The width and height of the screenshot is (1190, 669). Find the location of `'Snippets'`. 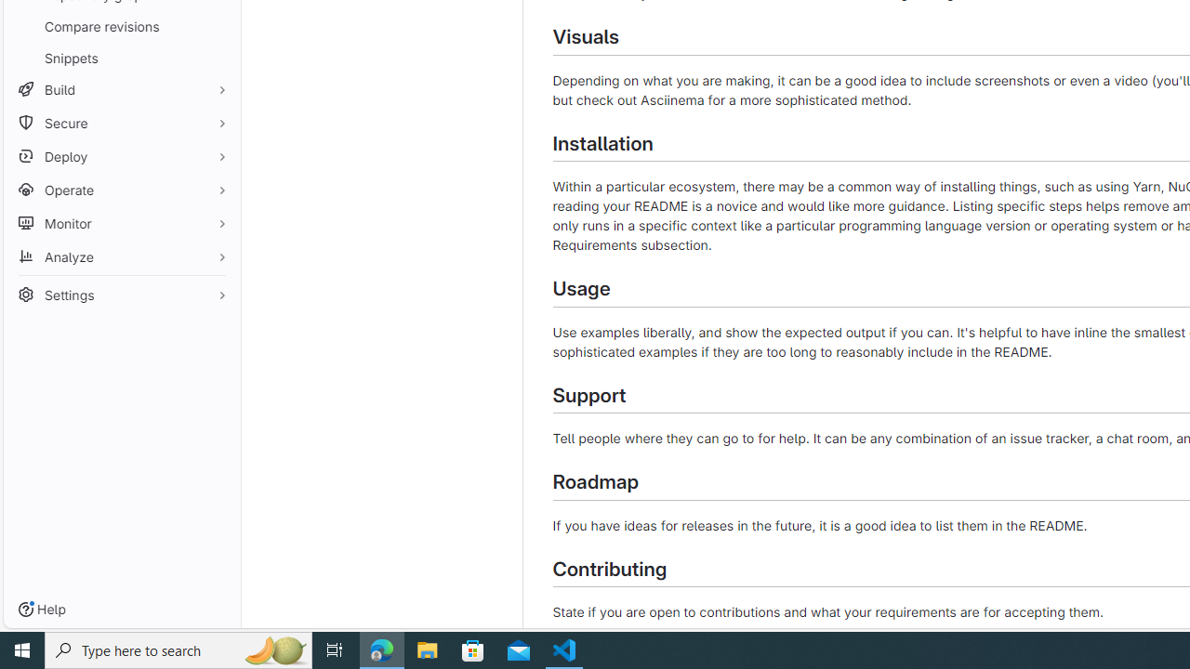

'Snippets' is located at coordinates (121, 57).